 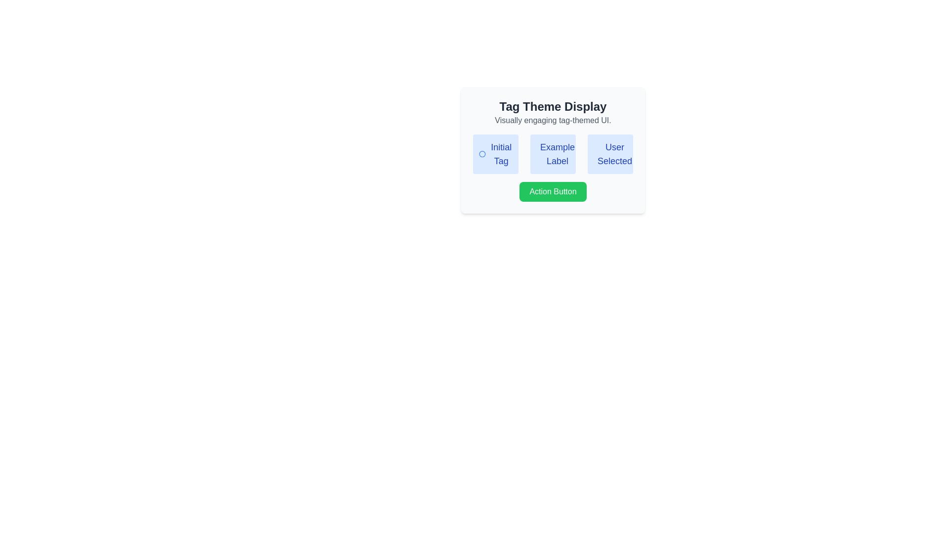 I want to click on the circular shape with a blue border located in the 'User Selected' tag within the card layout titled 'Tag Theme Display', so click(x=599, y=154).